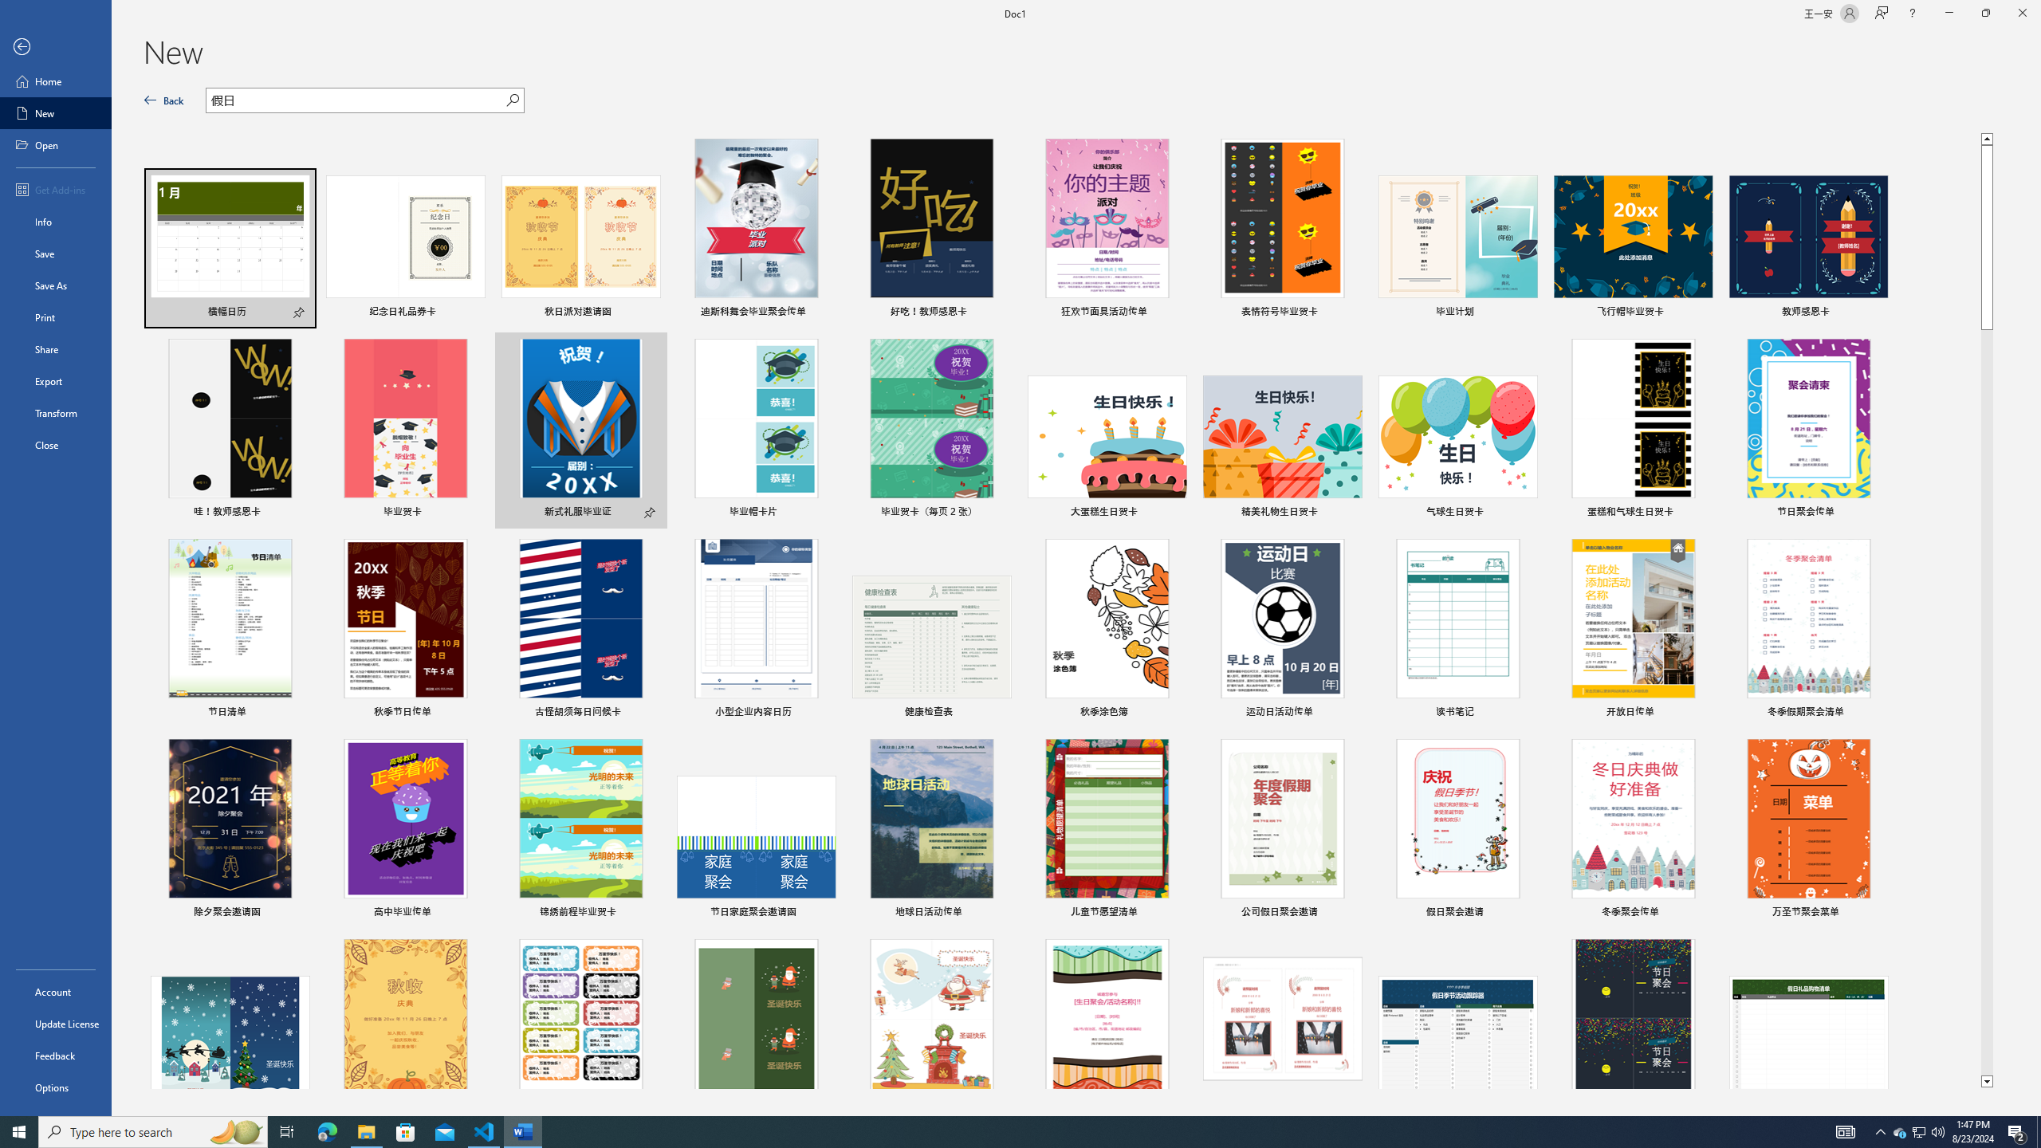 This screenshot has width=2041, height=1148. I want to click on 'Back', so click(165, 100).